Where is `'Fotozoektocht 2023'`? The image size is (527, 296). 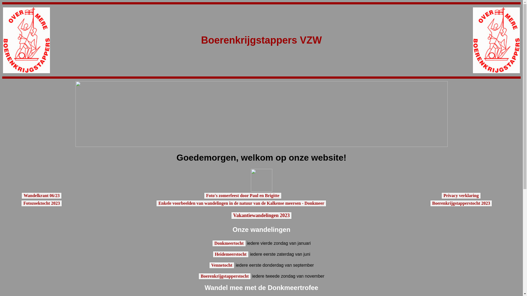
'Fotozoektocht 2023' is located at coordinates (41, 203).